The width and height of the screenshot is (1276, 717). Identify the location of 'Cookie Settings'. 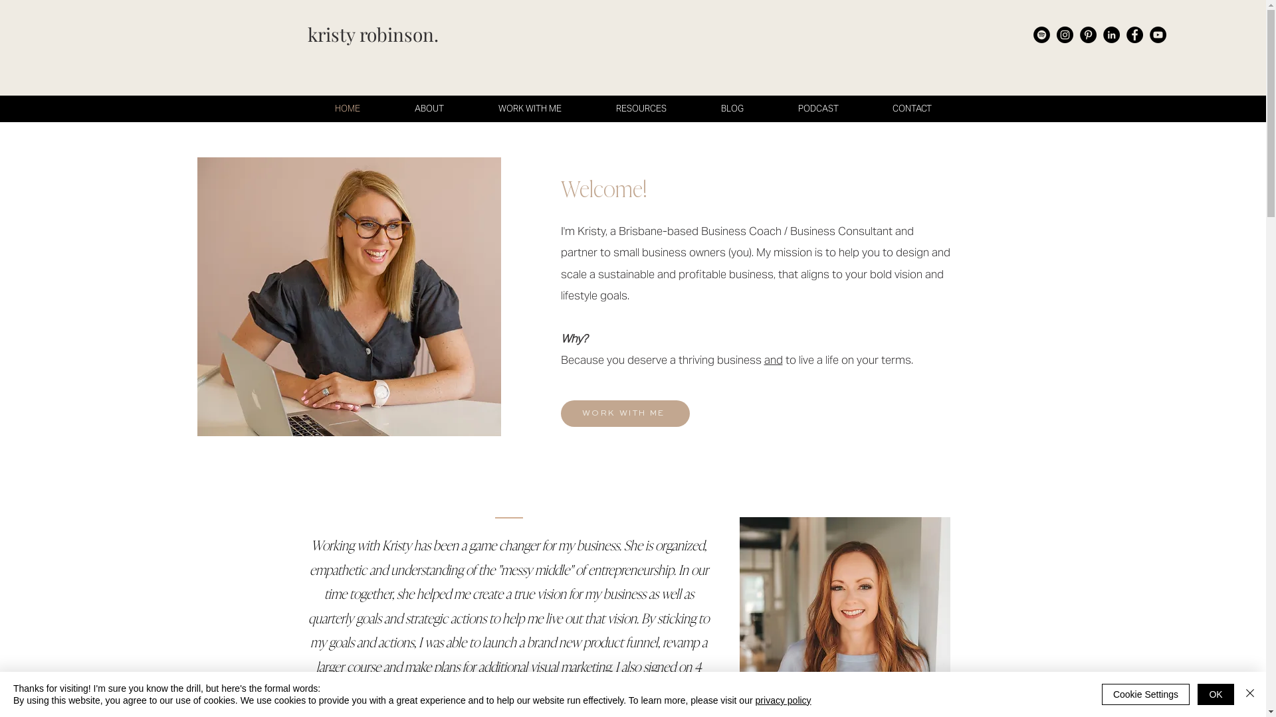
(1144, 693).